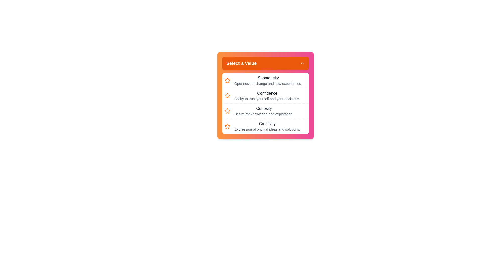  Describe the element at coordinates (267, 99) in the screenshot. I see `the detailed explanation of the 'Confidence' entry located directly below the 'Confidence' heading in the dropdown menu` at that location.